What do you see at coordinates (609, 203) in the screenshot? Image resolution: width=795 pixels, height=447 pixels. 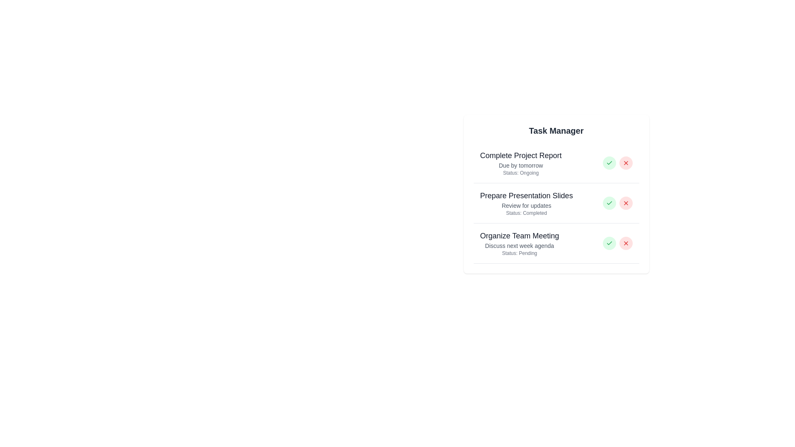 I see `the small, rounded green button with a checkmark icon located in the task list interface under 'Prepare Presentation Slides'` at bounding box center [609, 203].